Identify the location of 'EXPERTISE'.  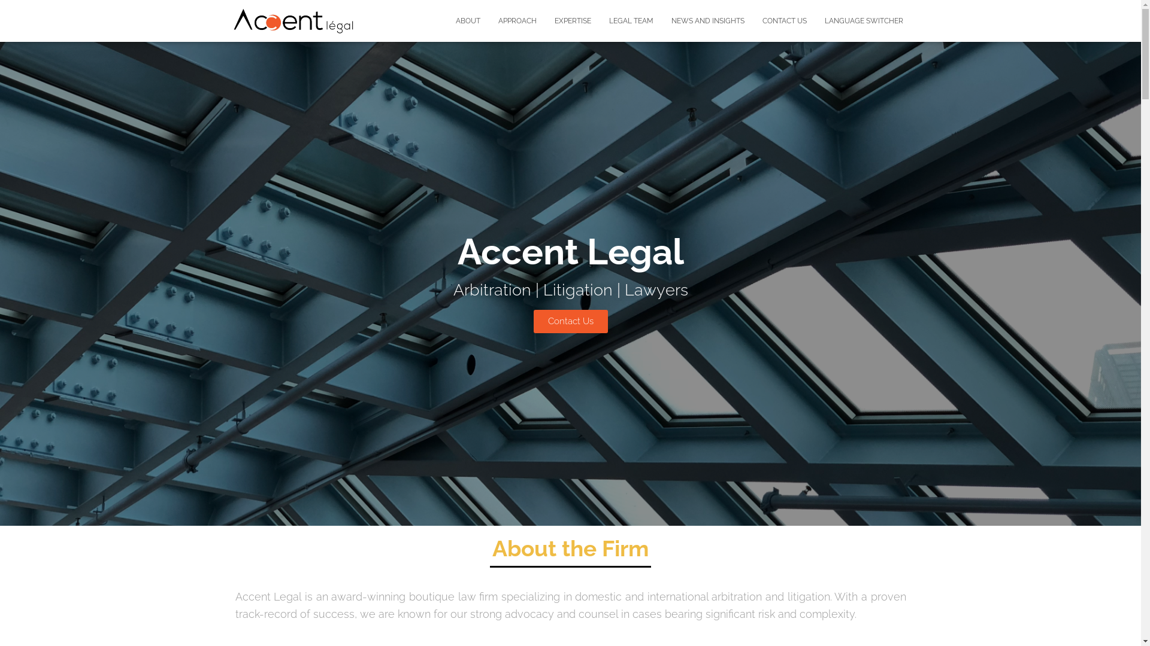
(571, 20).